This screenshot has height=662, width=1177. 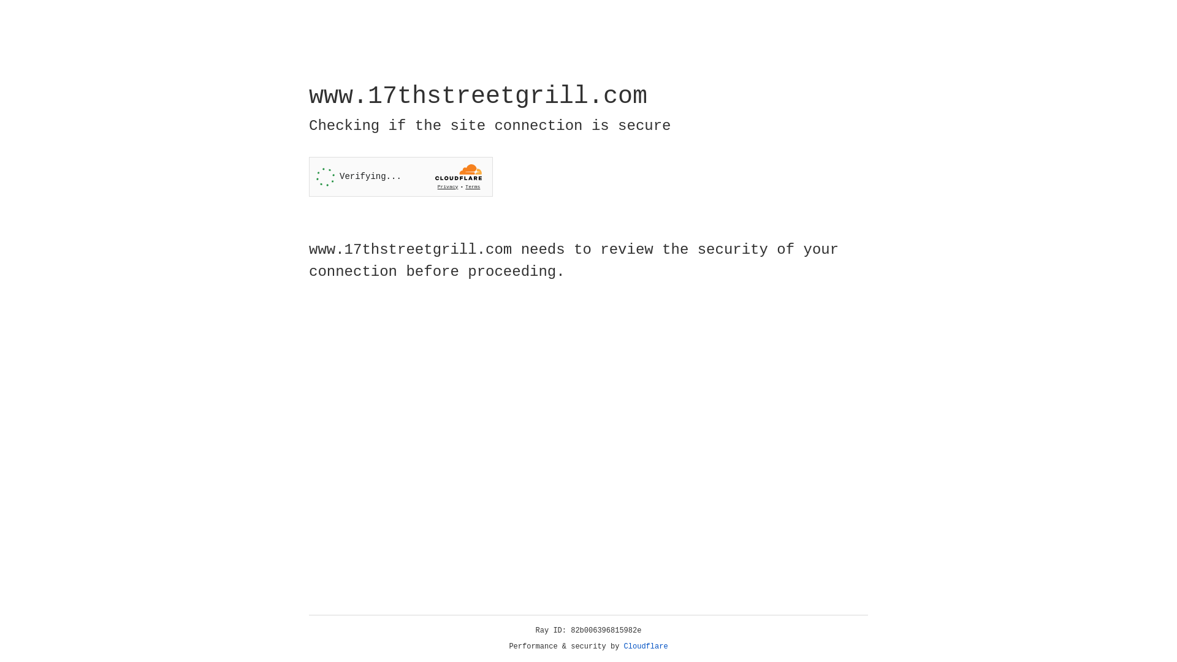 I want to click on 'Cloudflare', so click(x=623, y=646).